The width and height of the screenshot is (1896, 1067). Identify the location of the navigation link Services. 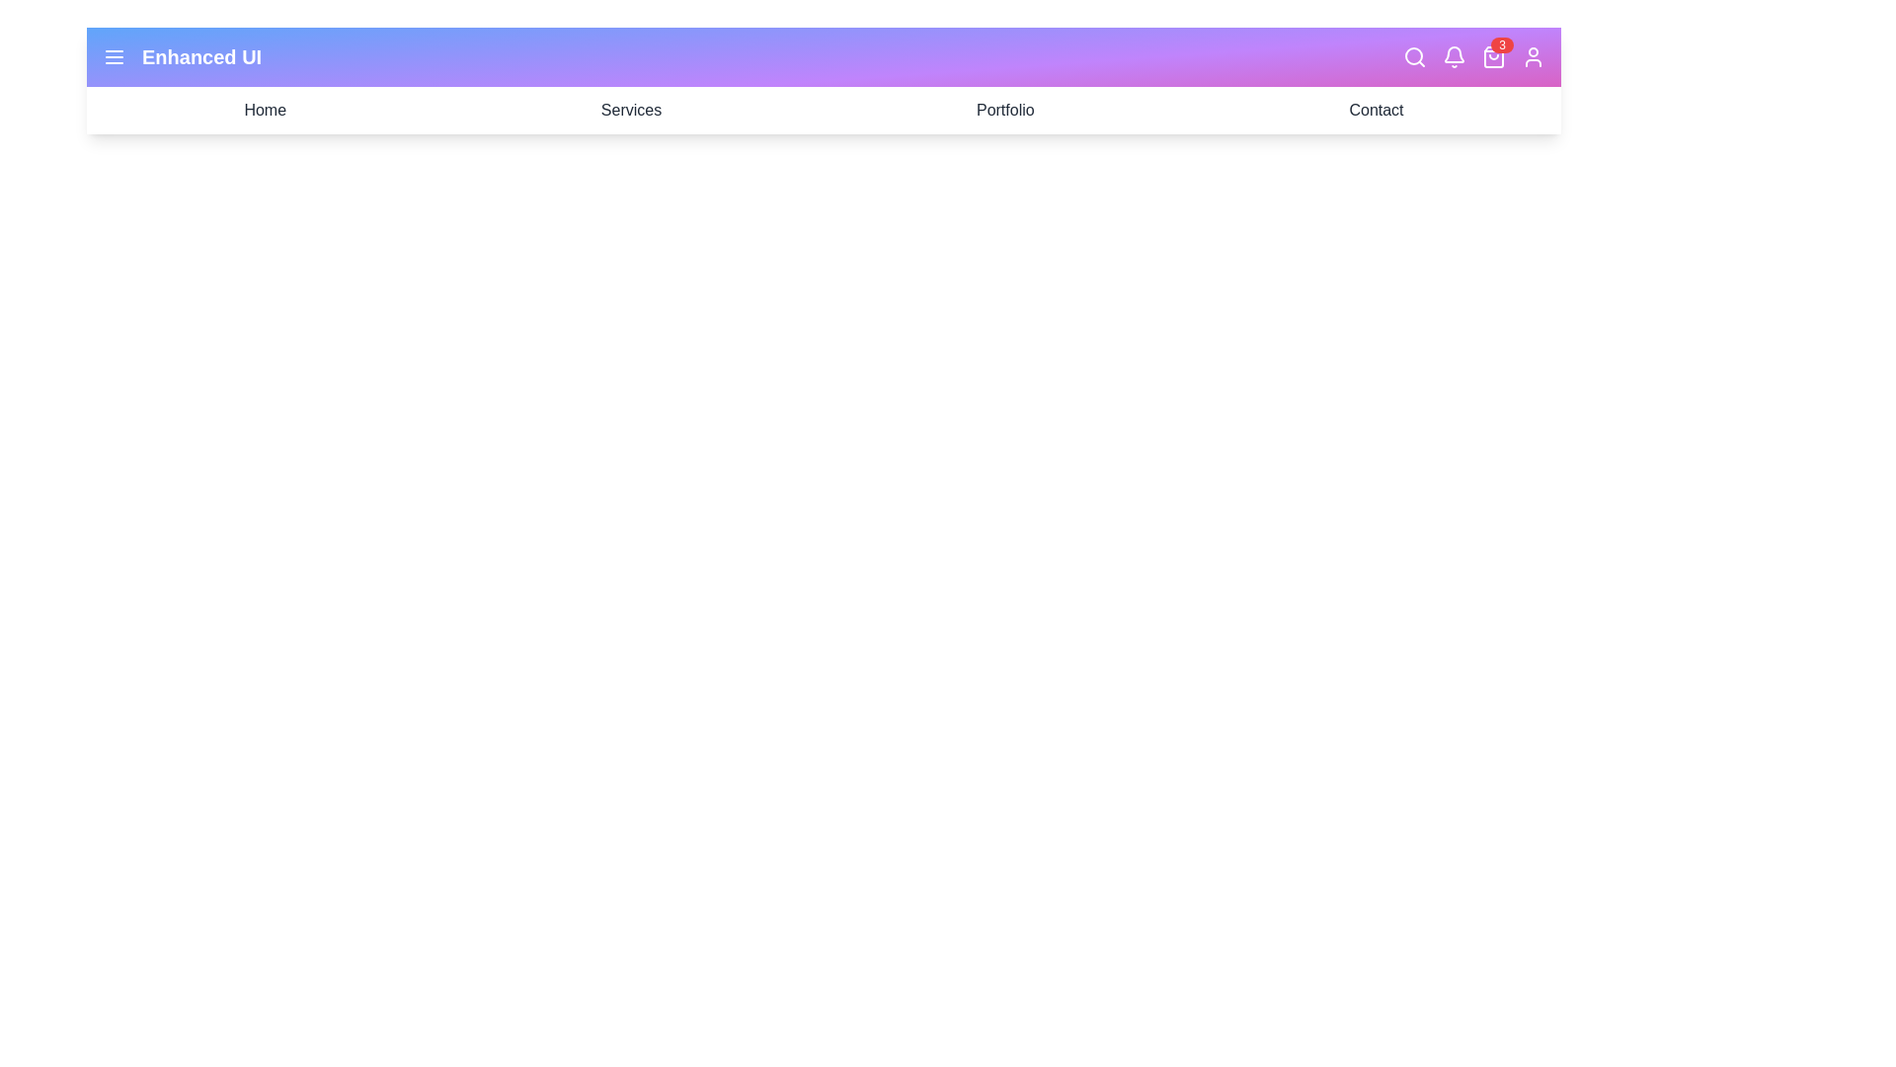
(630, 110).